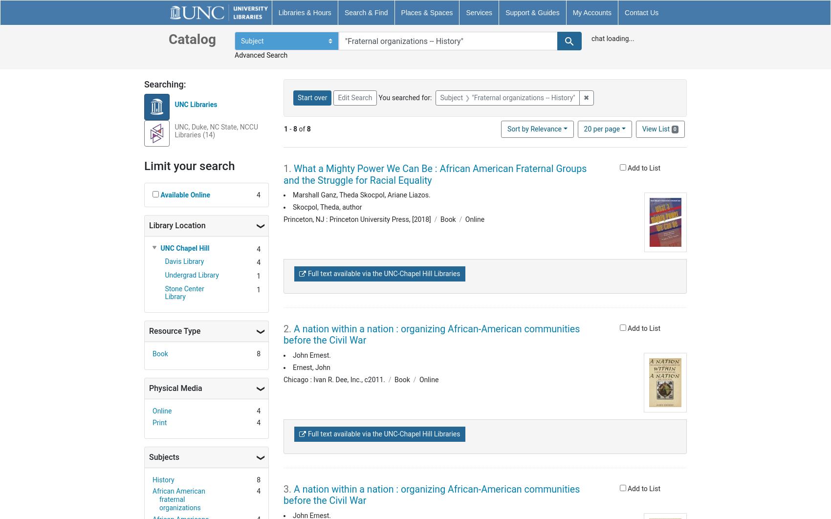 This screenshot has width=831, height=519. Describe the element at coordinates (327, 206) in the screenshot. I see `'Skocpol, Theda, author'` at that location.